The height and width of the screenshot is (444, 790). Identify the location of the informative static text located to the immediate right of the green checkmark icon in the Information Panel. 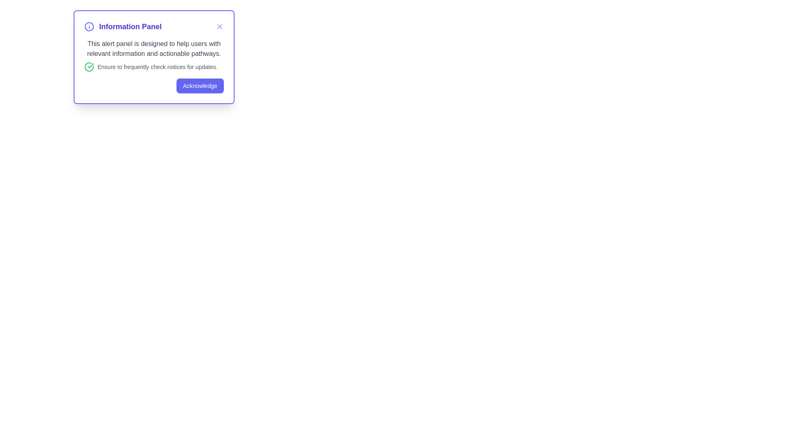
(157, 66).